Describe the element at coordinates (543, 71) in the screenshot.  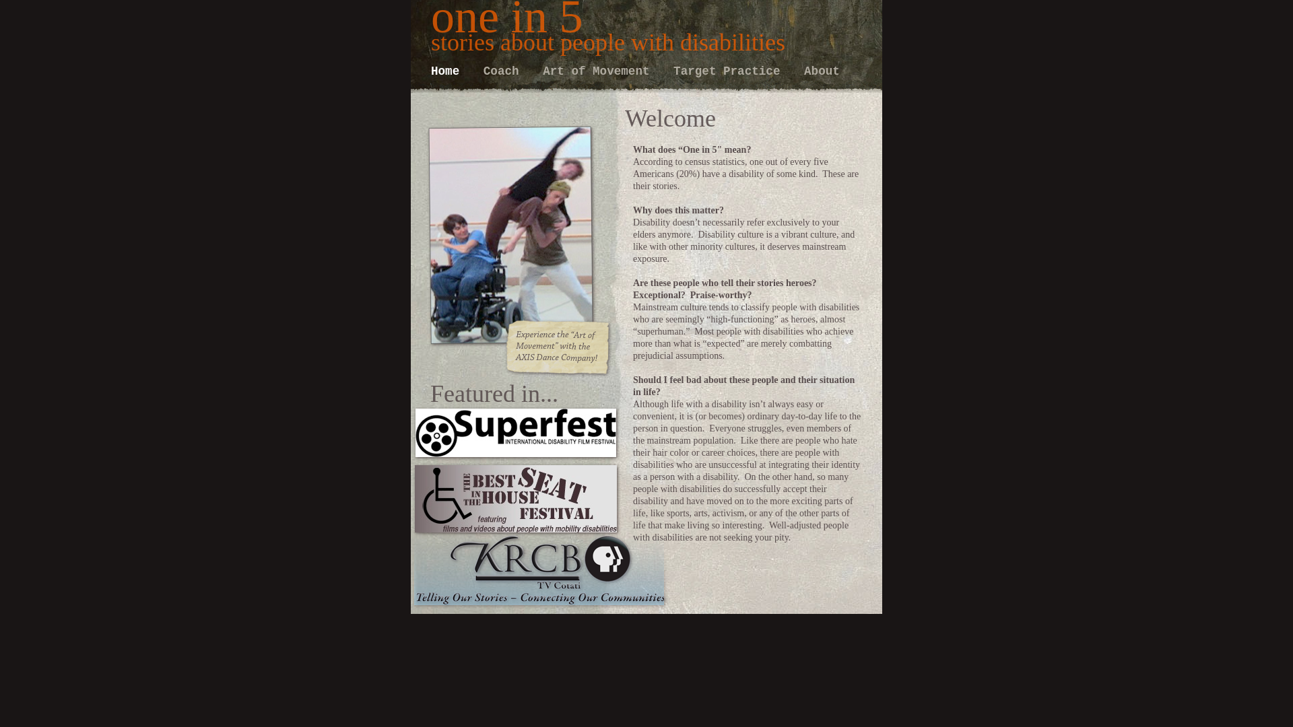
I see `'Art of Movement'` at that location.